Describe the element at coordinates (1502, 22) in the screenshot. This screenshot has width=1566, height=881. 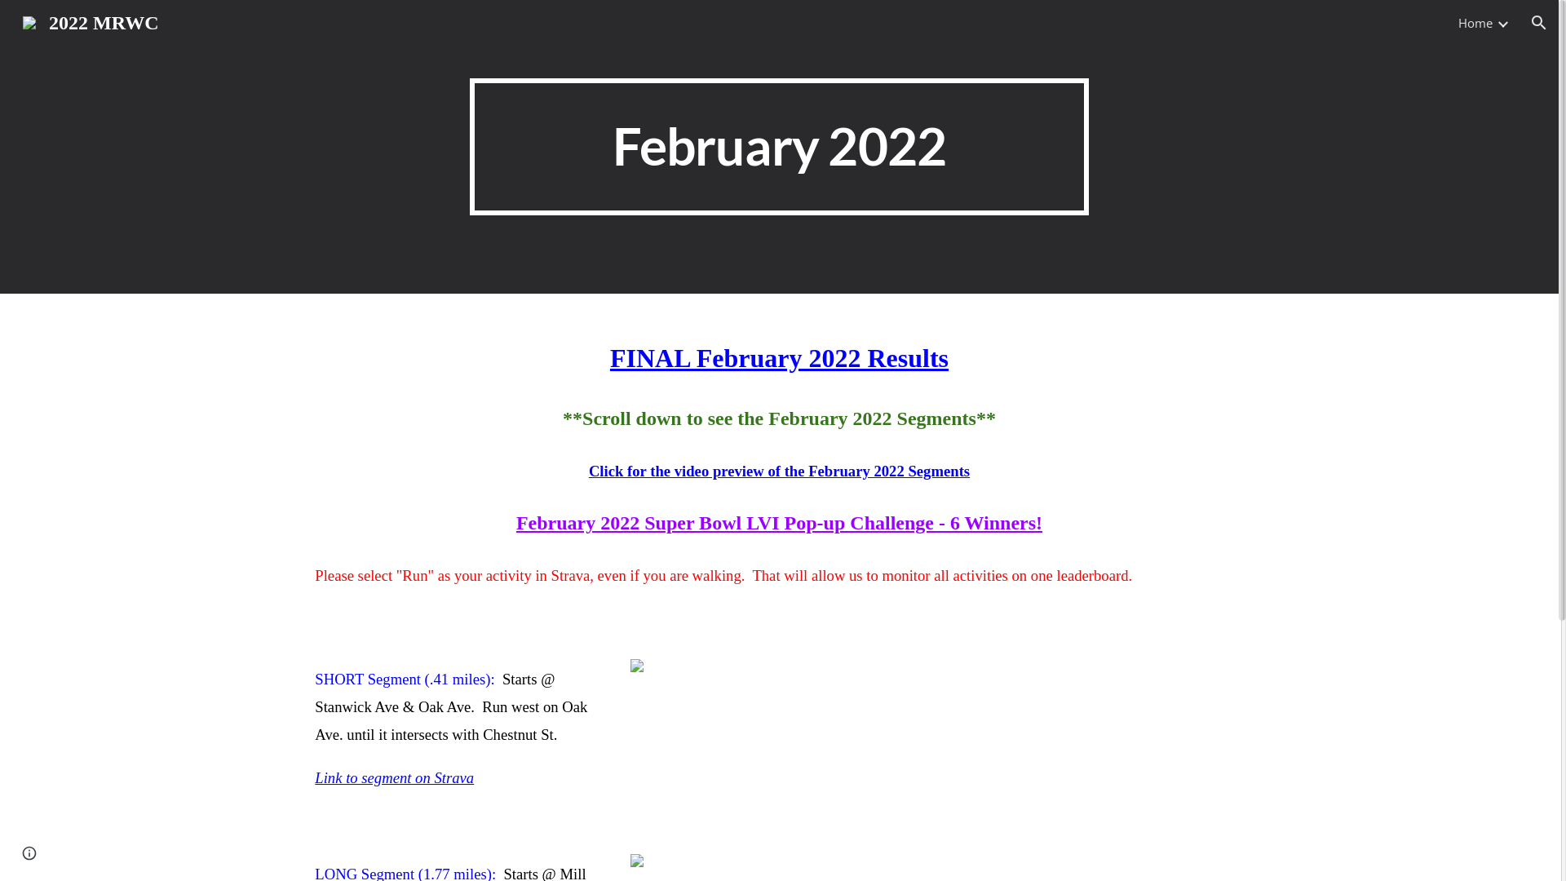
I see `'Expand/Collapse'` at that location.